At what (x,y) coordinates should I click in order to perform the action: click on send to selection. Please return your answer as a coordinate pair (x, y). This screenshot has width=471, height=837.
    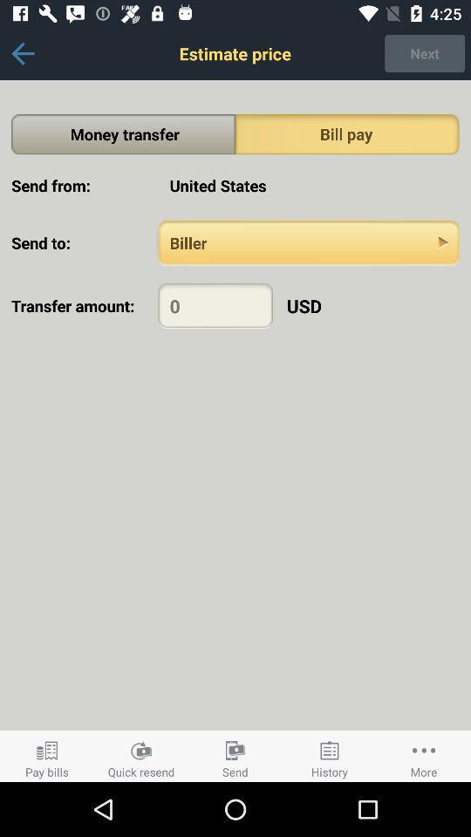
    Looking at the image, I should click on (308, 242).